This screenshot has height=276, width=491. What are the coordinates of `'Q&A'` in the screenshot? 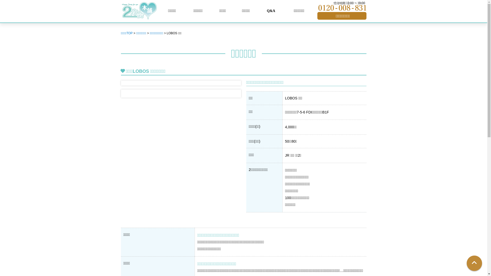 It's located at (271, 11).